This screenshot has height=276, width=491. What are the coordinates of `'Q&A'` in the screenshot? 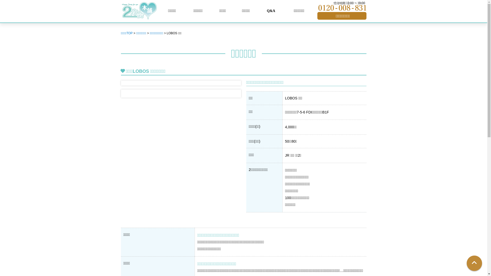 It's located at (271, 11).